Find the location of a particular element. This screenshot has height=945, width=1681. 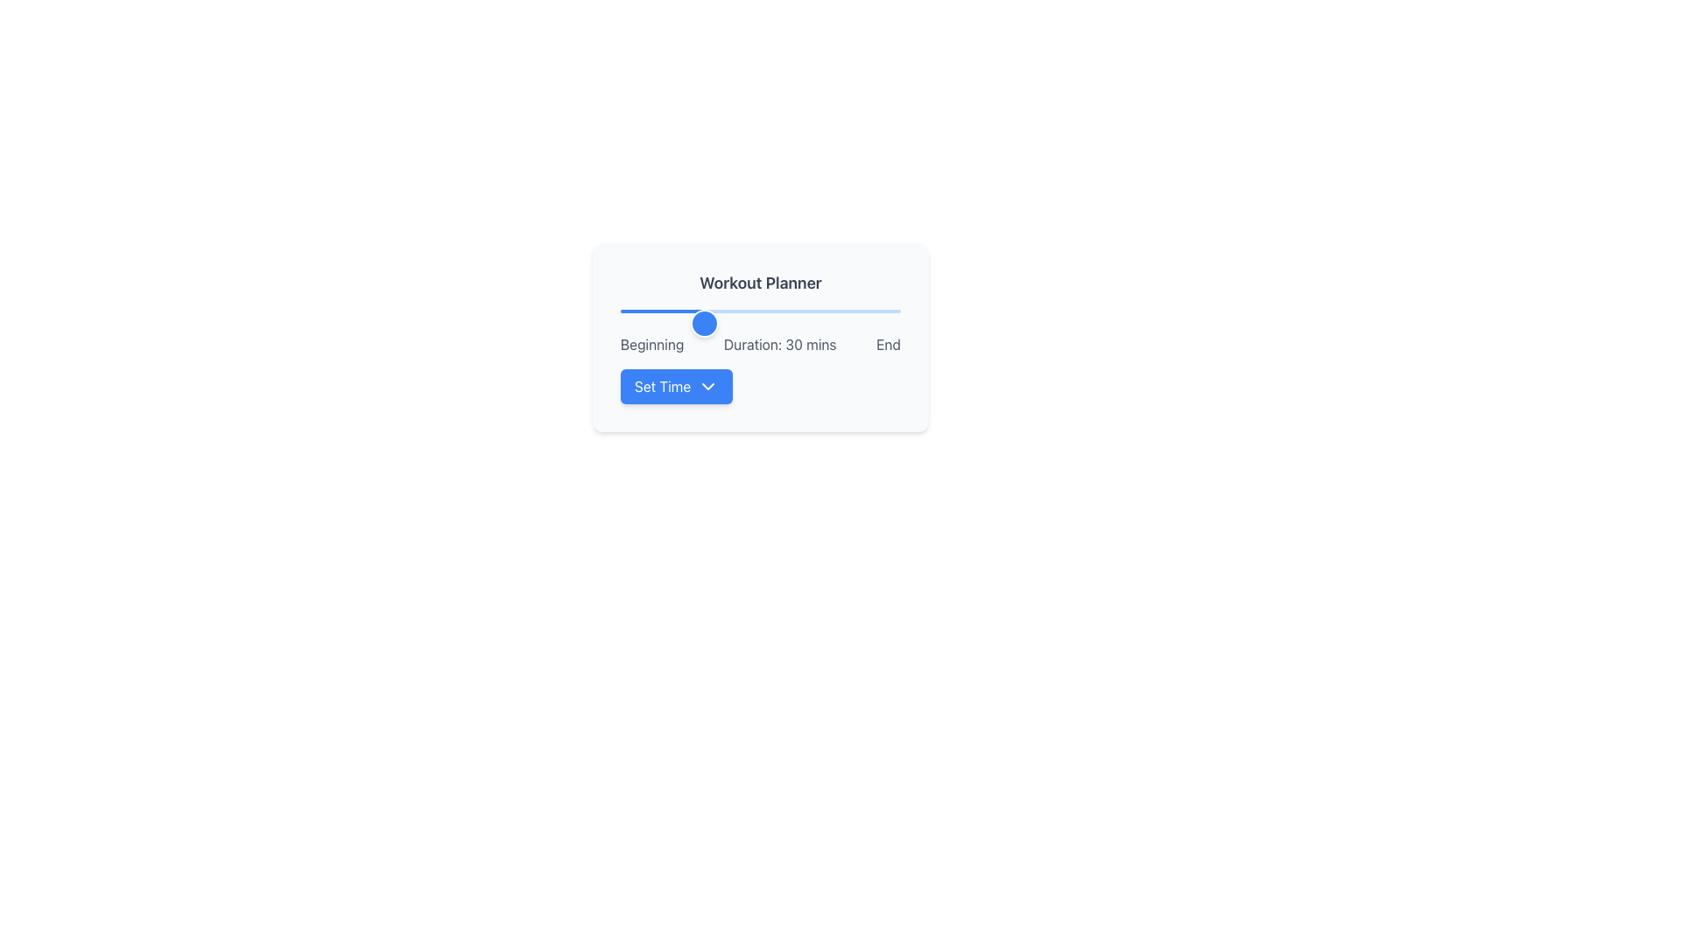

the Text Label that serves as a header for its section, located in a card-like panel above a progress bar and below the panel header is located at coordinates (760, 283).